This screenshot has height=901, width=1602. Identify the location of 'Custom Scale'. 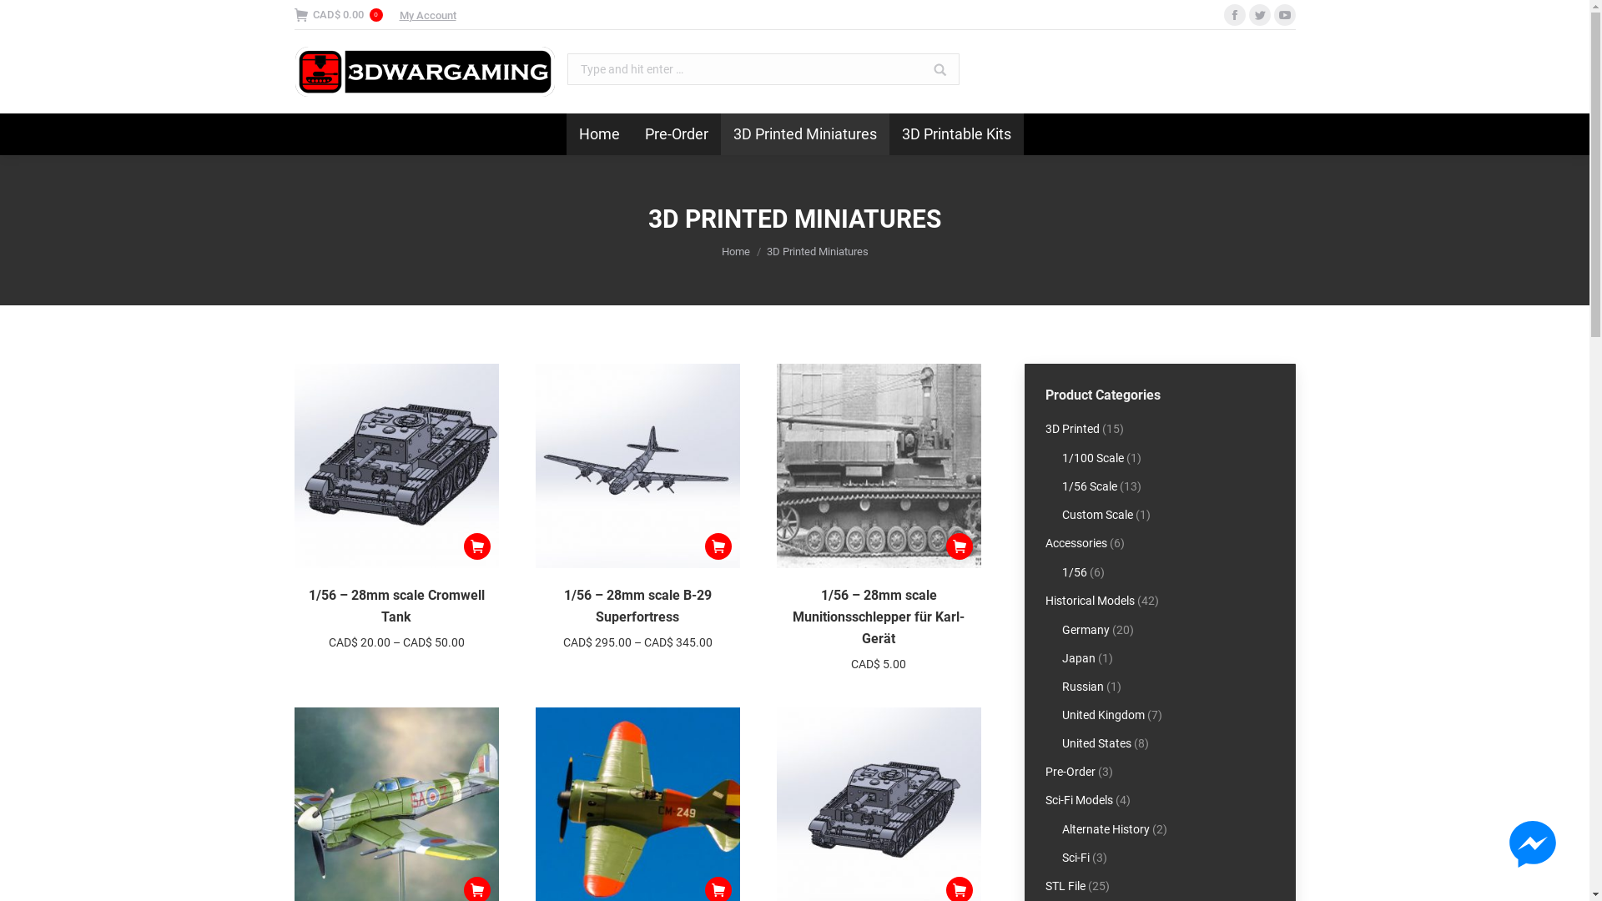
(1096, 514).